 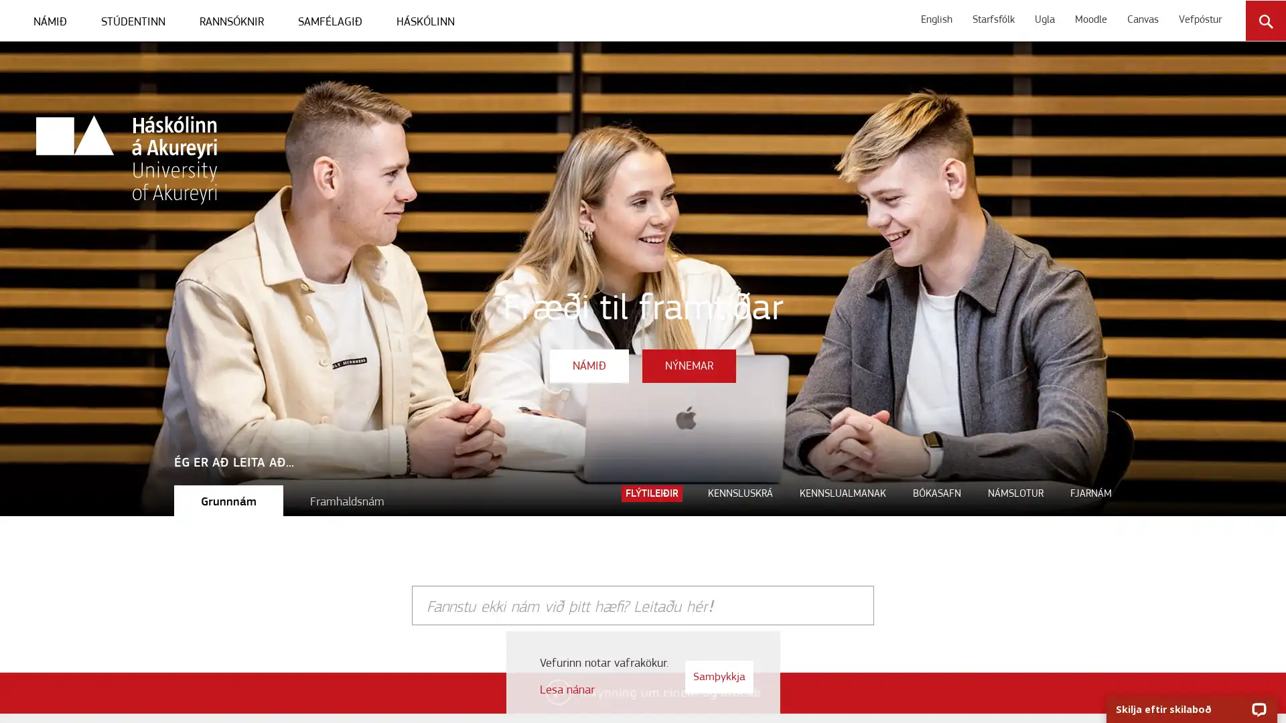 What do you see at coordinates (718, 676) in the screenshot?
I see `Samykkja vafrakokur` at bounding box center [718, 676].